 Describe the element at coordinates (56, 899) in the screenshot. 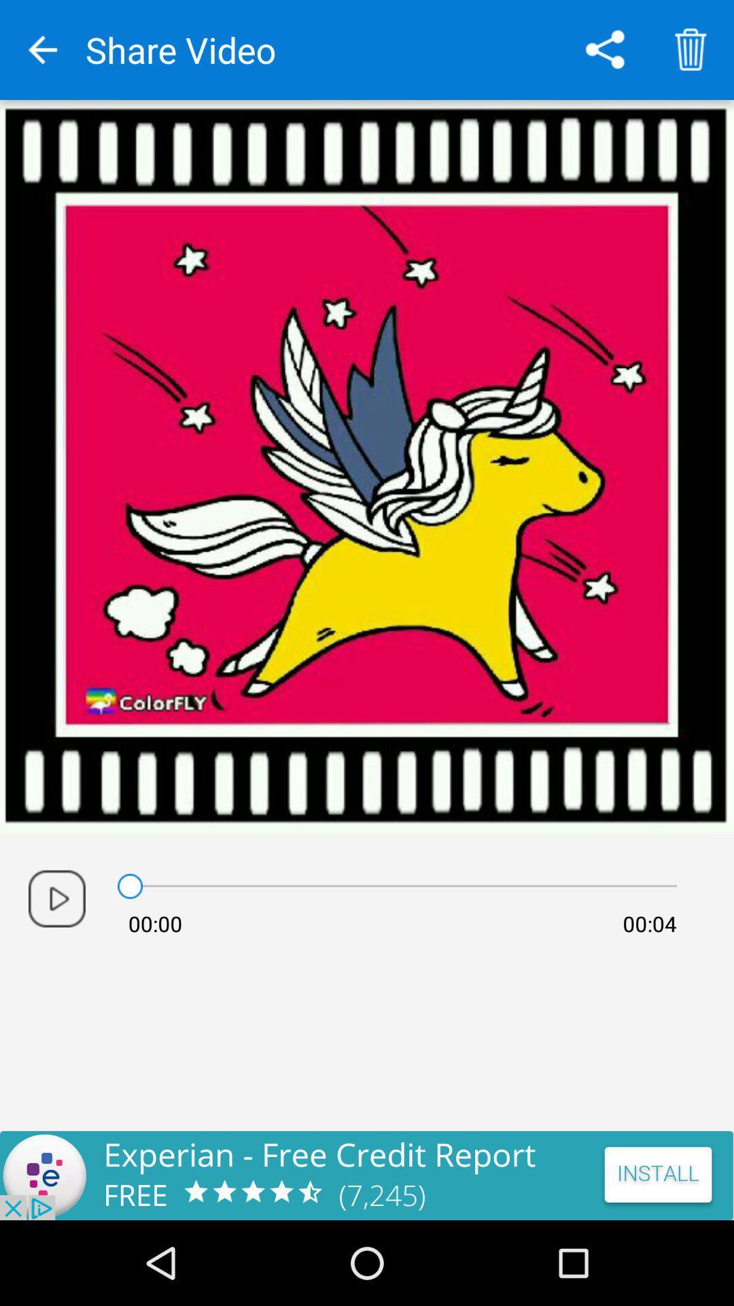

I see `song` at that location.